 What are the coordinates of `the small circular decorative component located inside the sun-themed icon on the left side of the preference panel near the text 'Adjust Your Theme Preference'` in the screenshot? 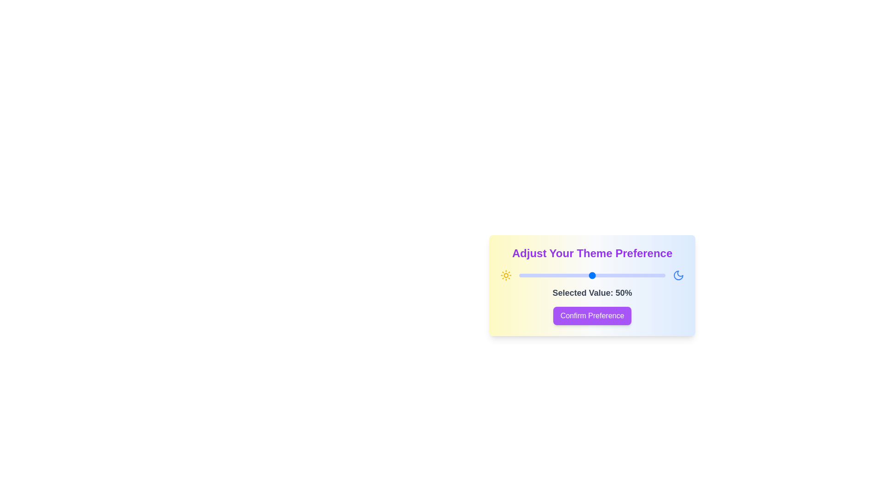 It's located at (505, 275).